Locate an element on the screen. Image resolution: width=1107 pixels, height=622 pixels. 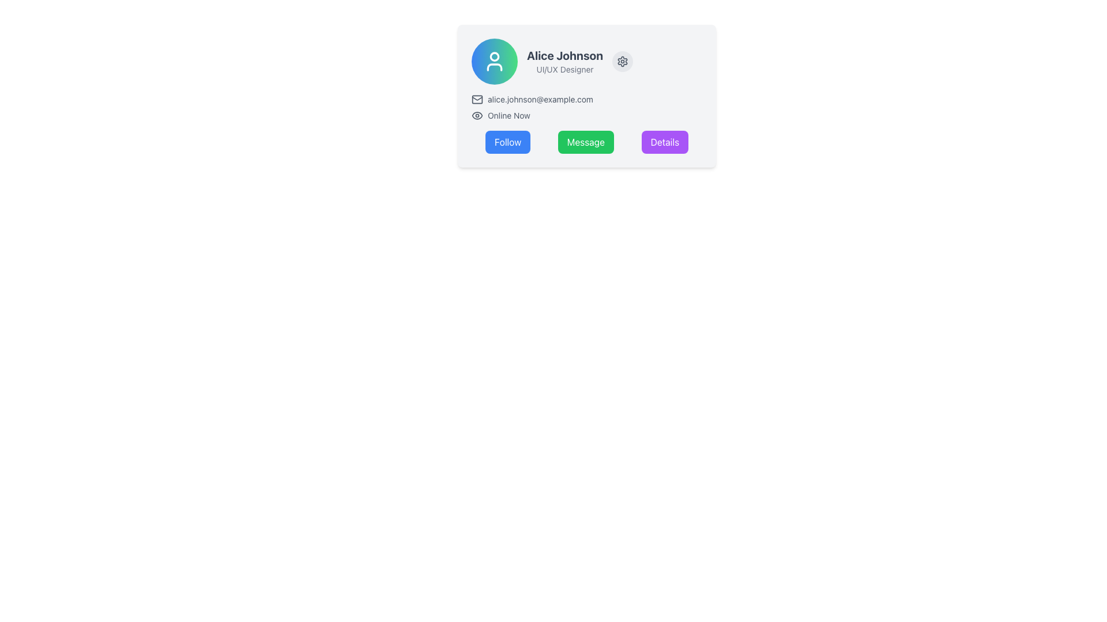
the text label displaying the email address 'alice.johnson@example.com', which is styled in gray and positioned next to an email icon is located at coordinates (540, 99).